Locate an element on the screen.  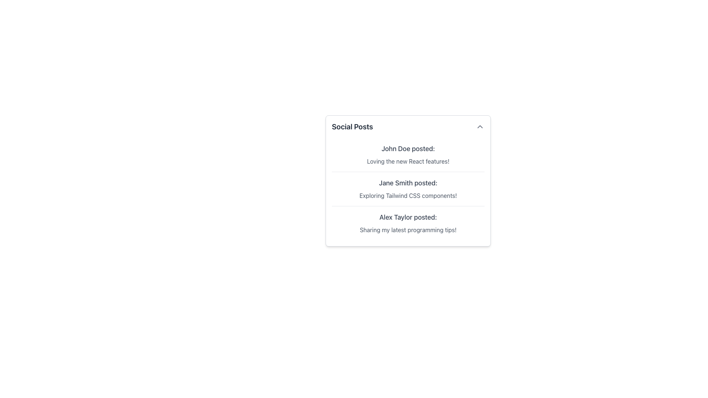
the text element serving as a header for 'Jane Smith', located beneath 'Social Posts' and above 'Exploring Tailwind CSS components!' is located at coordinates (408, 183).